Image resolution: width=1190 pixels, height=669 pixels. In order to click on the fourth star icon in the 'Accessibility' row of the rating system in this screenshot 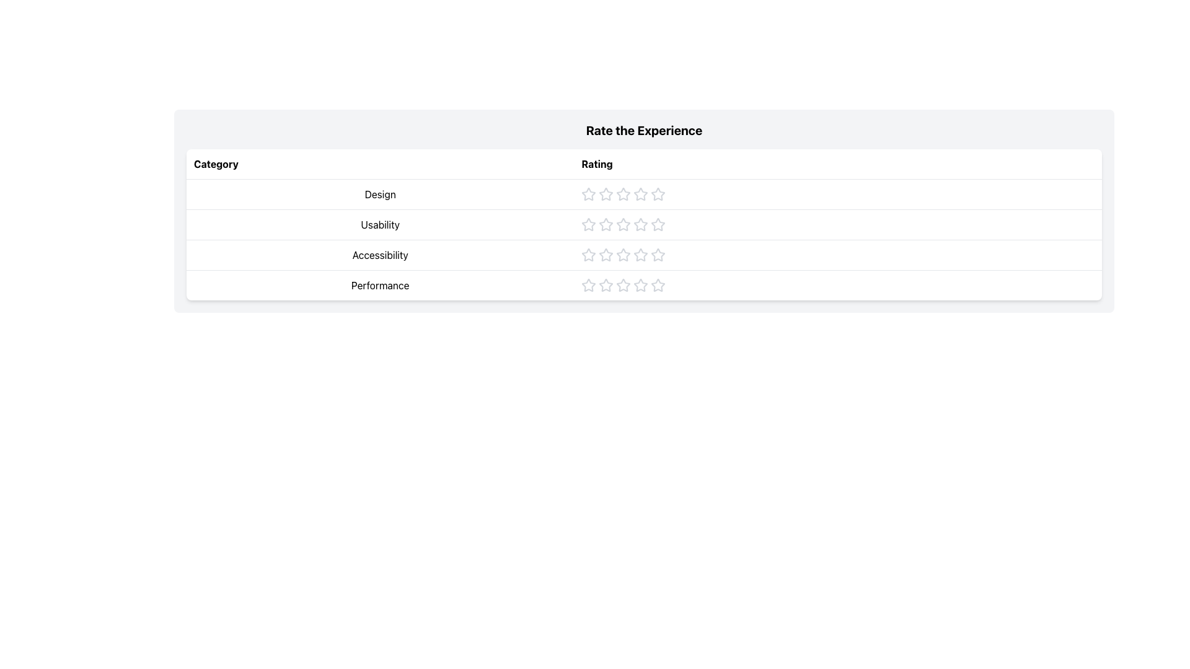, I will do `click(641, 254)`.